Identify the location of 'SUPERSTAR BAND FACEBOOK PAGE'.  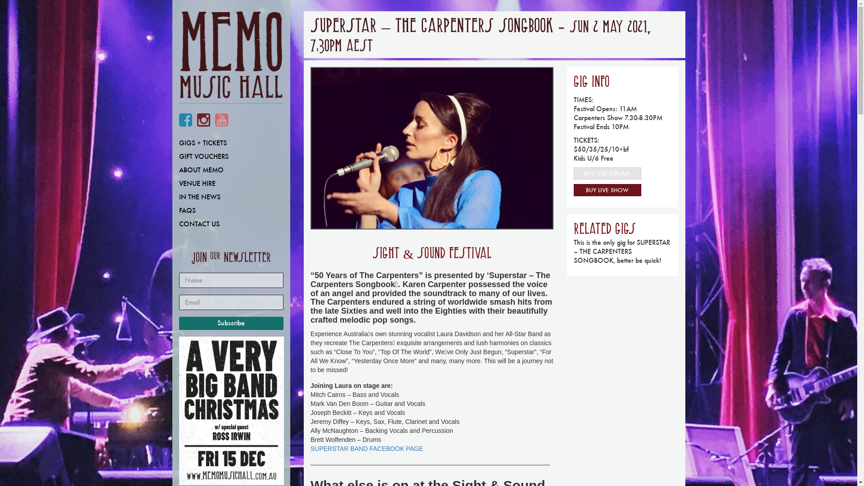
(310, 448).